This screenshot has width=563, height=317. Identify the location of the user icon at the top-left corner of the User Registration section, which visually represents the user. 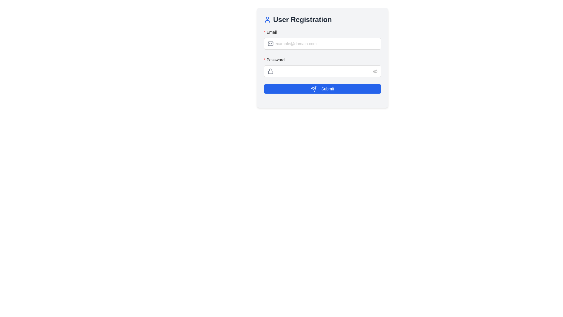
(267, 19).